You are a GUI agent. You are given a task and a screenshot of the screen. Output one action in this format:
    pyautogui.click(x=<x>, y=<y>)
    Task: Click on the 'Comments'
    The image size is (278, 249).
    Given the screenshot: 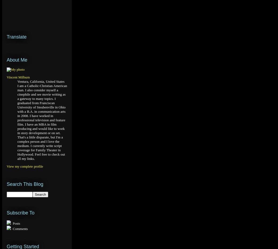 What is the action you would take?
    pyautogui.click(x=12, y=228)
    